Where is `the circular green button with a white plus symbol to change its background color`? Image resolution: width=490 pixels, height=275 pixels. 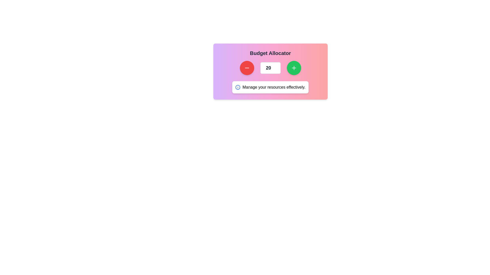
the circular green button with a white plus symbol to change its background color is located at coordinates (294, 67).